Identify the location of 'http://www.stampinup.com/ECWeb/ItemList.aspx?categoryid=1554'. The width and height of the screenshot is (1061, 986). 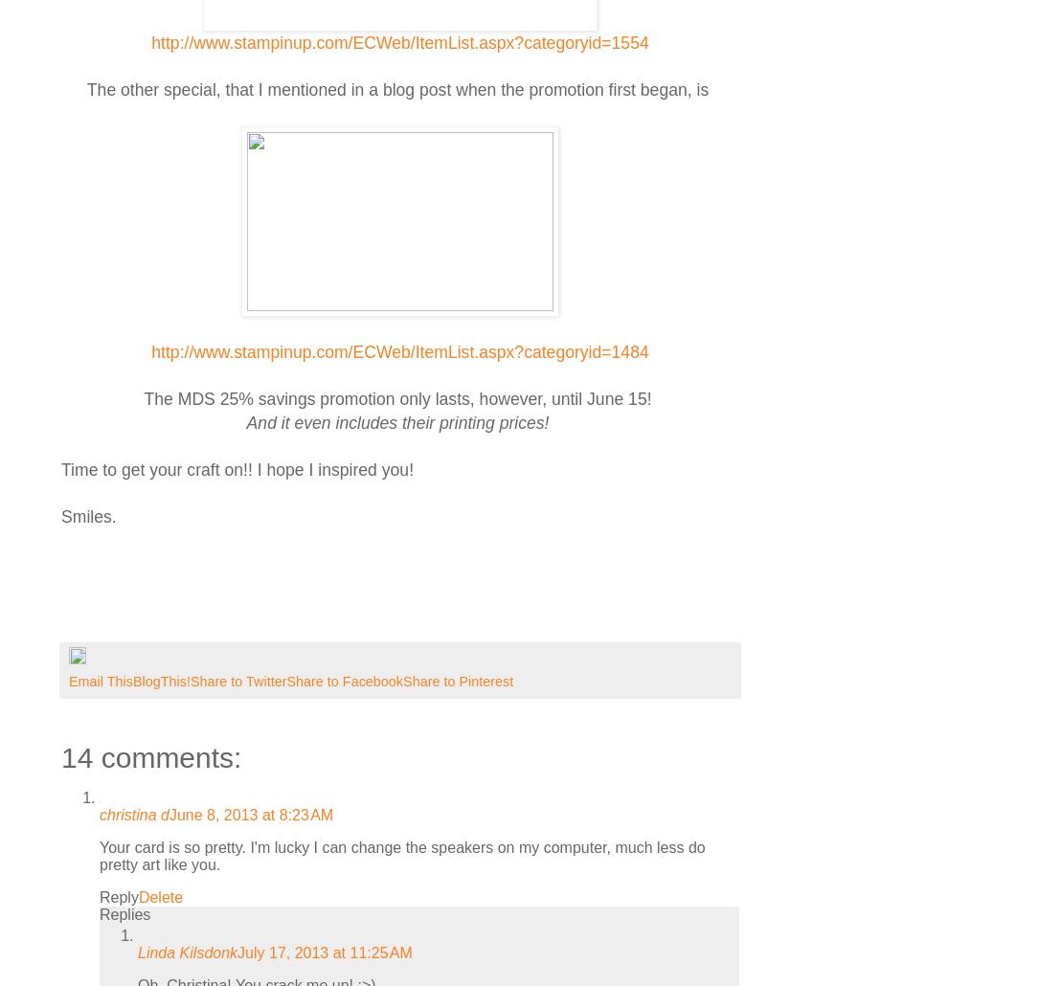
(398, 43).